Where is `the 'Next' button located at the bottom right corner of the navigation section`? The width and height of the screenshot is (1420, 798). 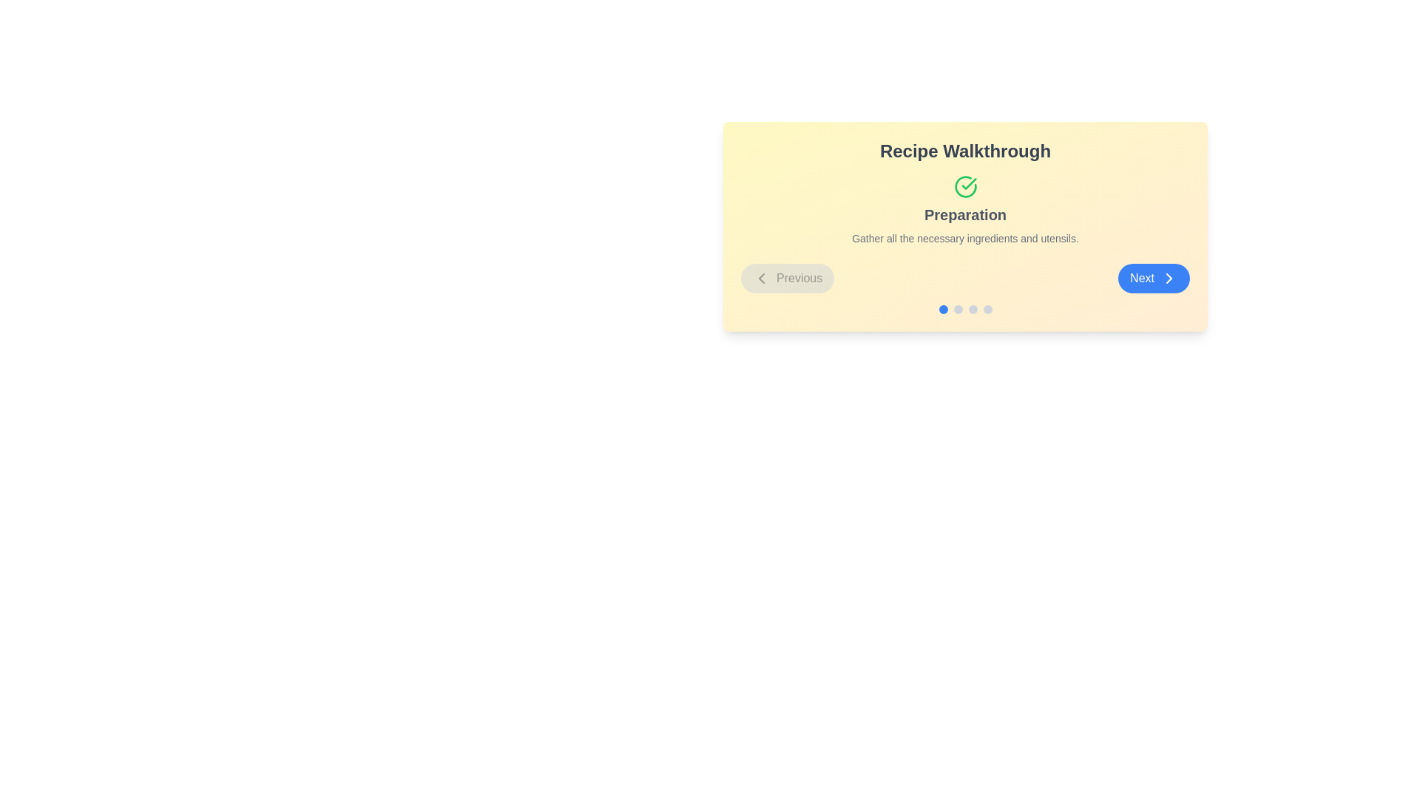 the 'Next' button located at the bottom right corner of the navigation section is located at coordinates (1153, 279).